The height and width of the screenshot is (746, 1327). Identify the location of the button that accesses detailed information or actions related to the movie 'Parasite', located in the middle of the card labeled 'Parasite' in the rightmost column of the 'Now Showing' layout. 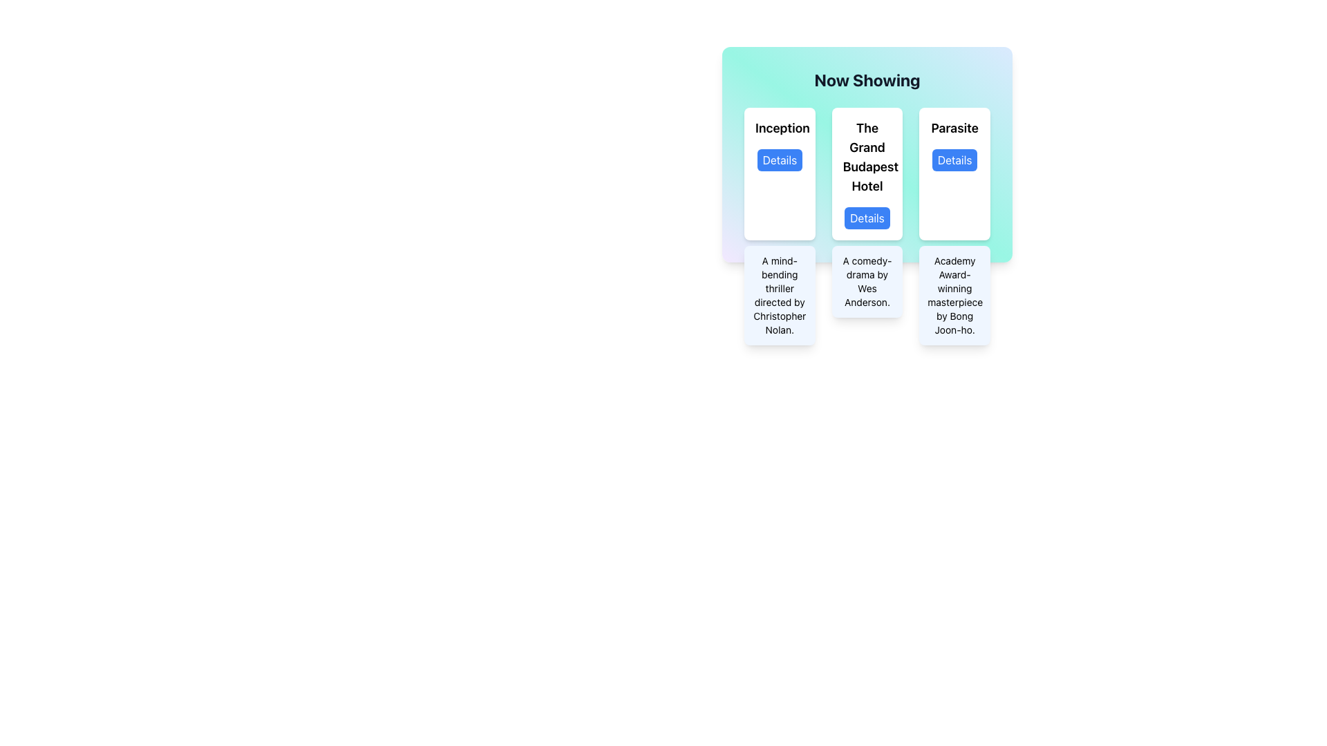
(954, 159).